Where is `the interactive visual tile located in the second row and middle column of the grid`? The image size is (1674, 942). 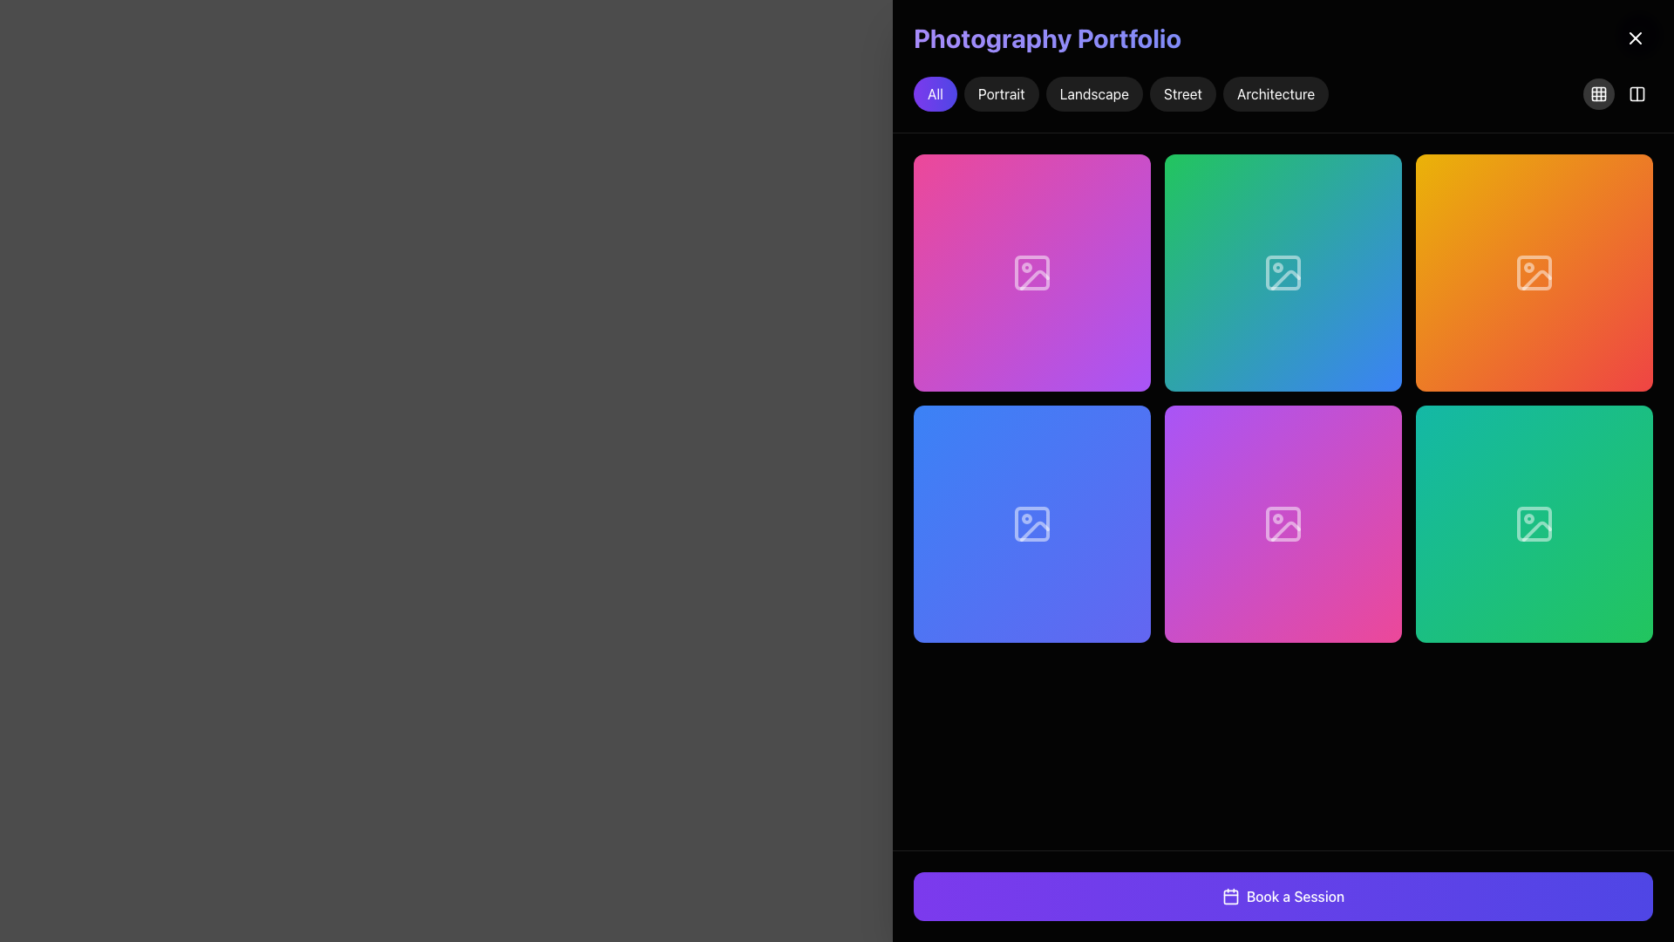 the interactive visual tile located in the second row and middle column of the grid is located at coordinates (1283, 523).